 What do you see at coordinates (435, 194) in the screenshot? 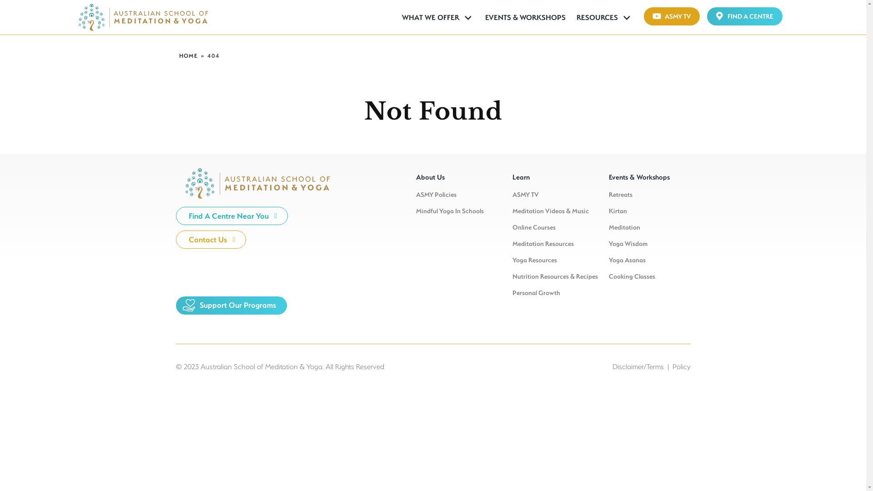
I see `'ASMY Policies'` at bounding box center [435, 194].